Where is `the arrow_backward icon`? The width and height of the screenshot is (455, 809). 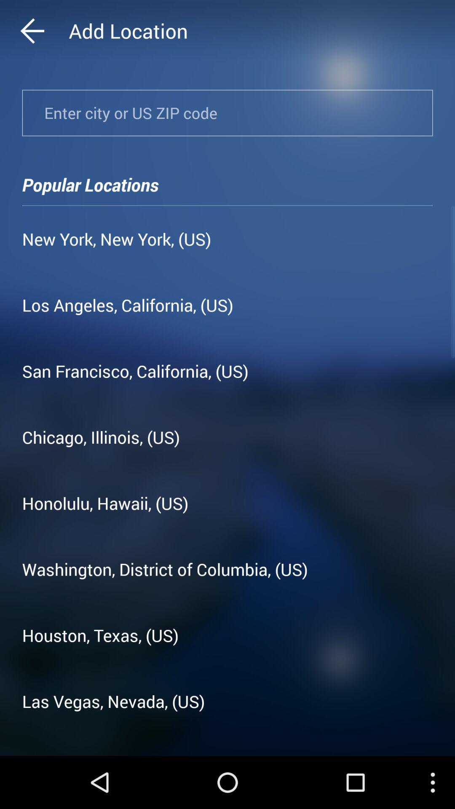
the arrow_backward icon is located at coordinates (48, 33).